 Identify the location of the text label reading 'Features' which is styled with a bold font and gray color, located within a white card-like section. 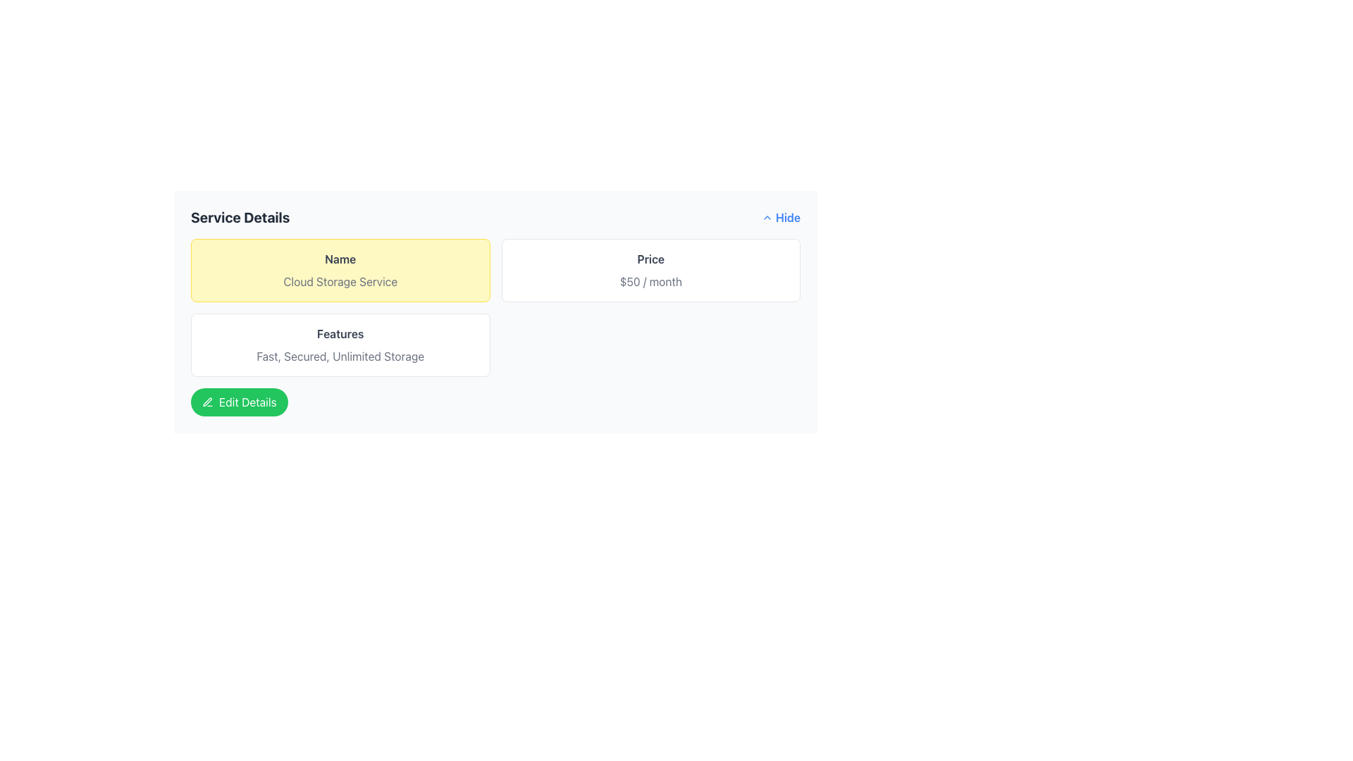
(340, 334).